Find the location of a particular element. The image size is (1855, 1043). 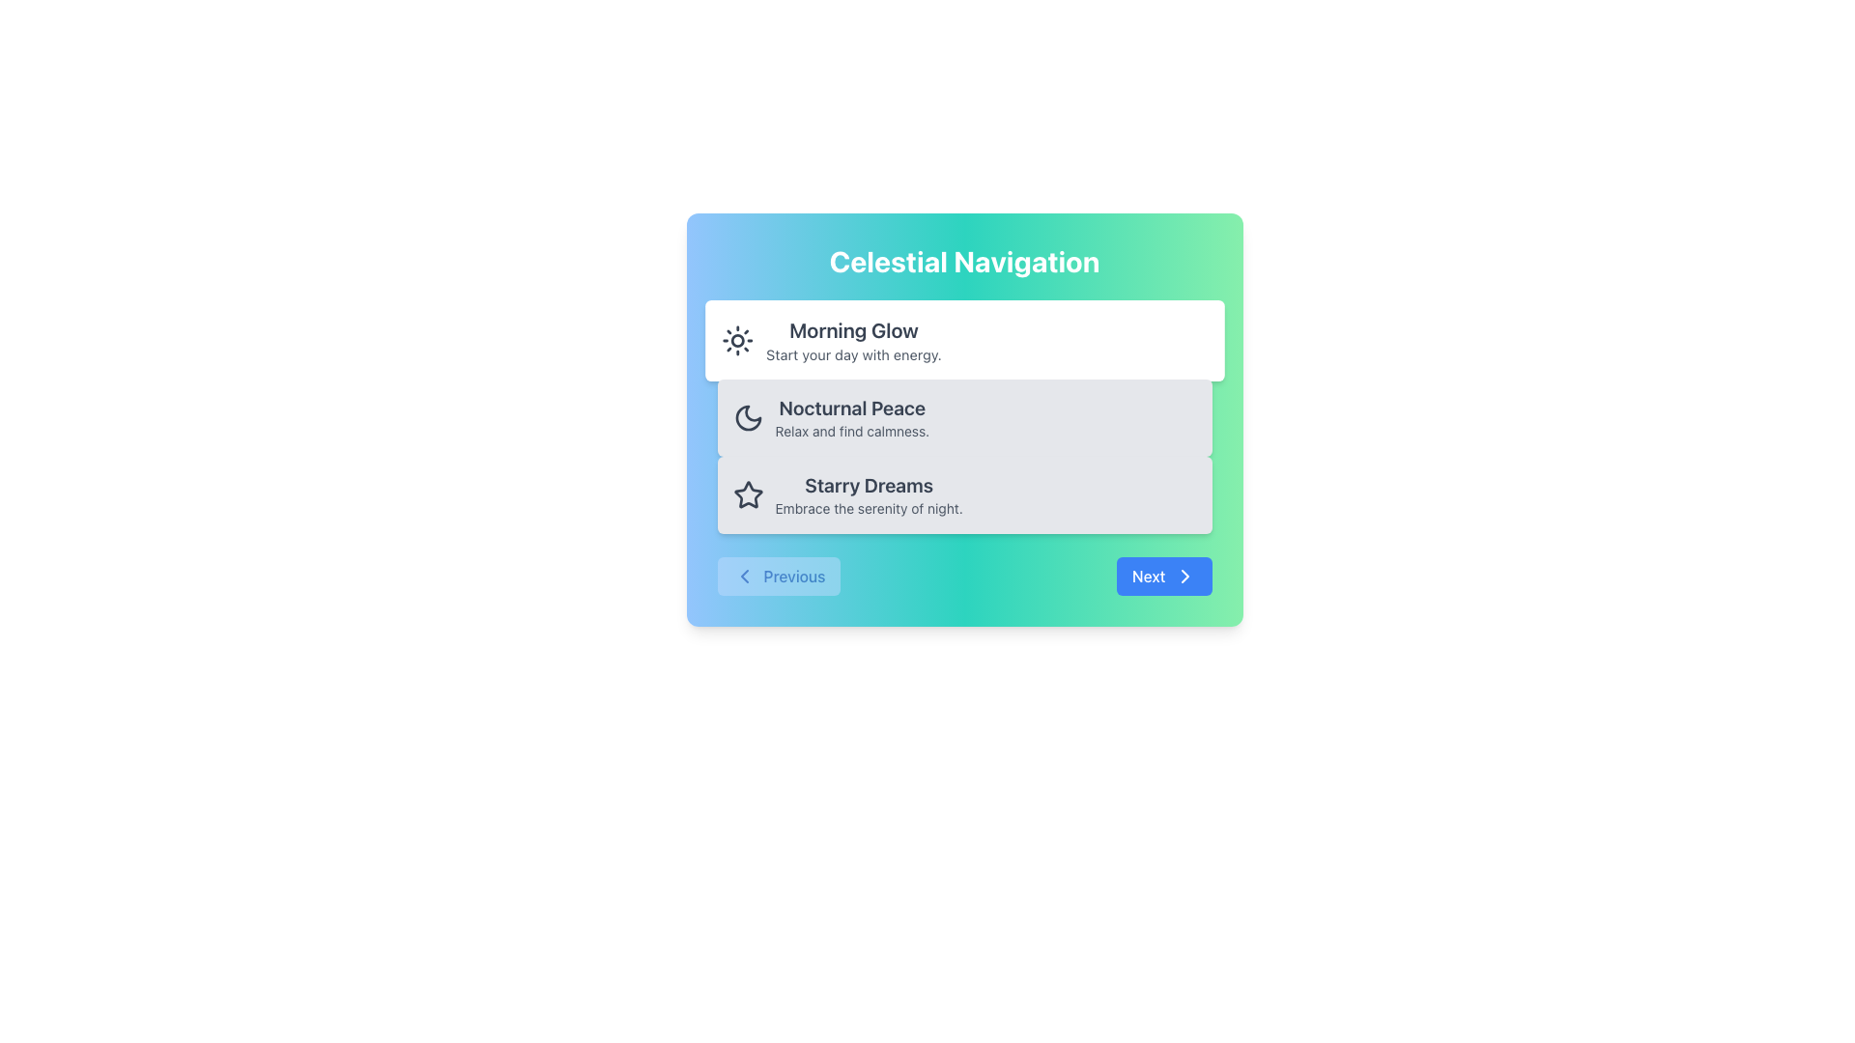

the left chevron icon rendered within an SVG element is located at coordinates (743, 576).